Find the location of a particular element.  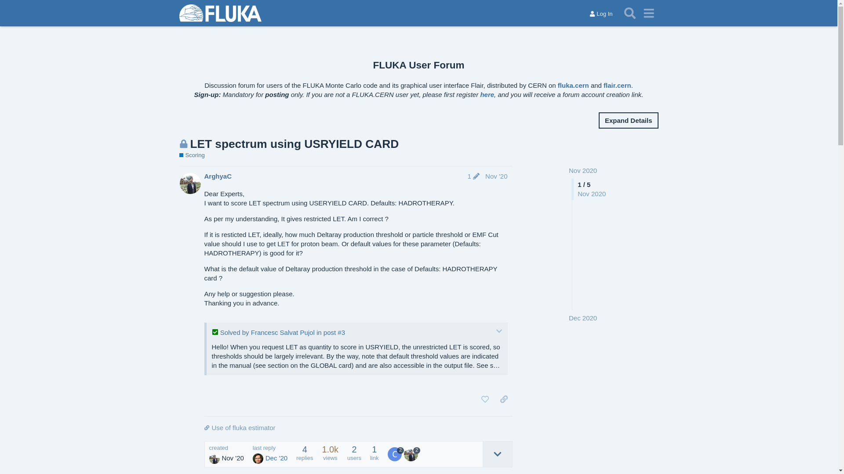

'Expand Details' is located at coordinates (628, 120).